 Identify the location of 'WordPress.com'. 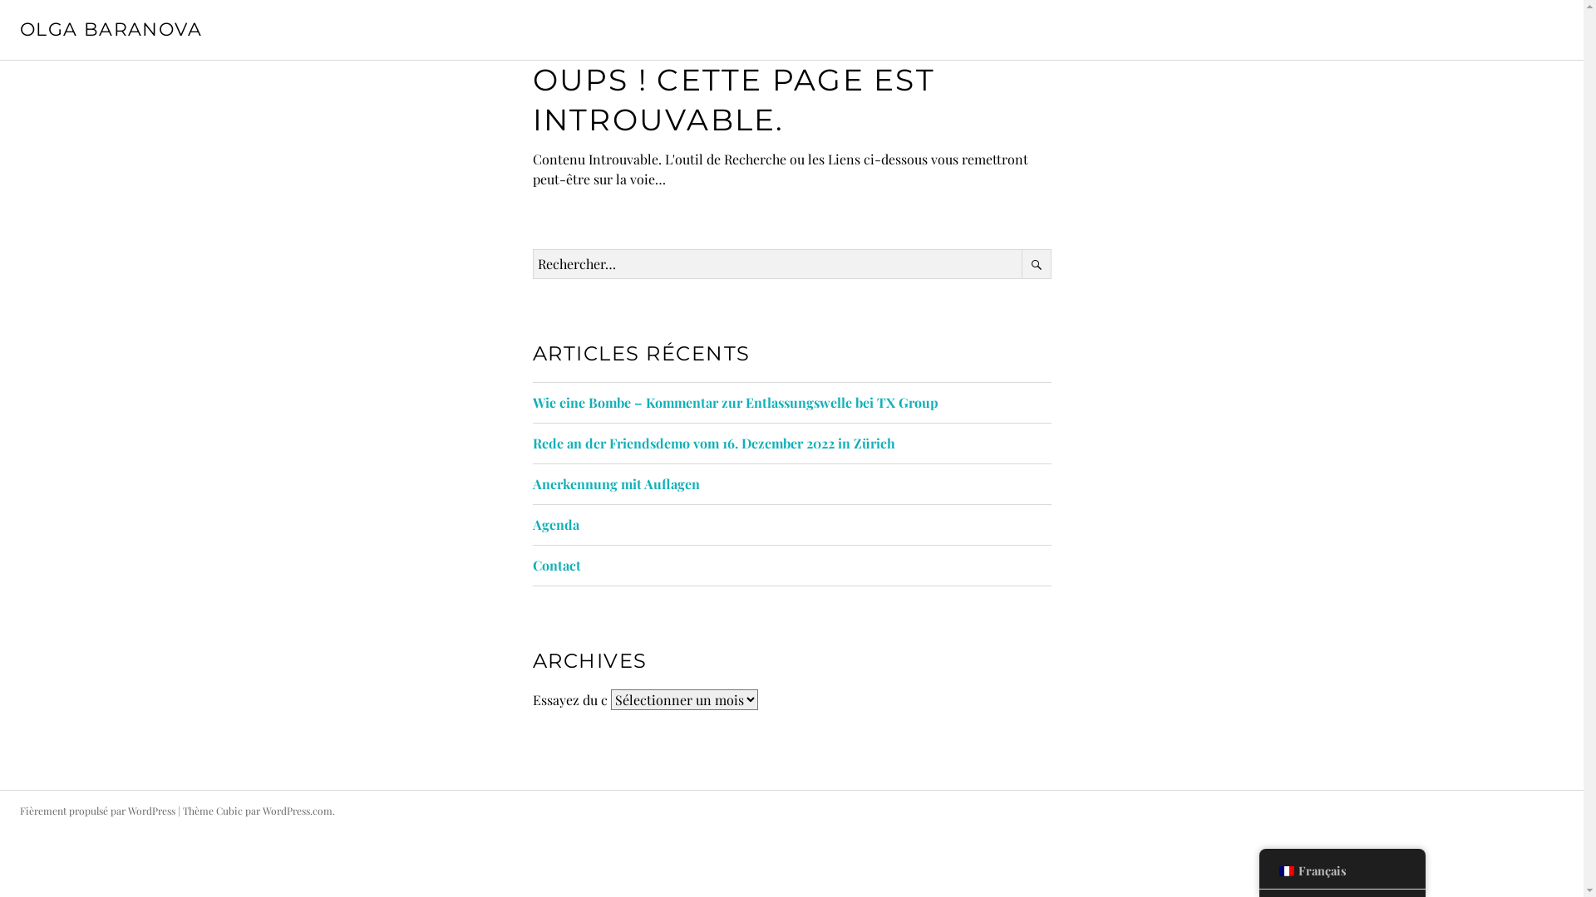
(298, 809).